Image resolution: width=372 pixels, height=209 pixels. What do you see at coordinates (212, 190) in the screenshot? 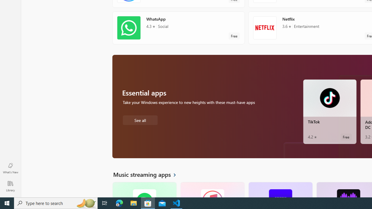
I see `'iTunes. Average rating of 2.5 out of five stars. Free  '` at bounding box center [212, 190].